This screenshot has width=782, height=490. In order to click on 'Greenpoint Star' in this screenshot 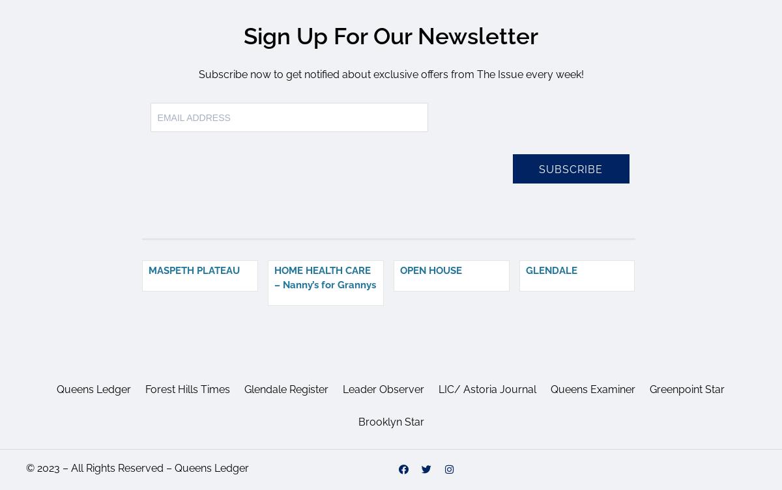, I will do `click(686, 388)`.